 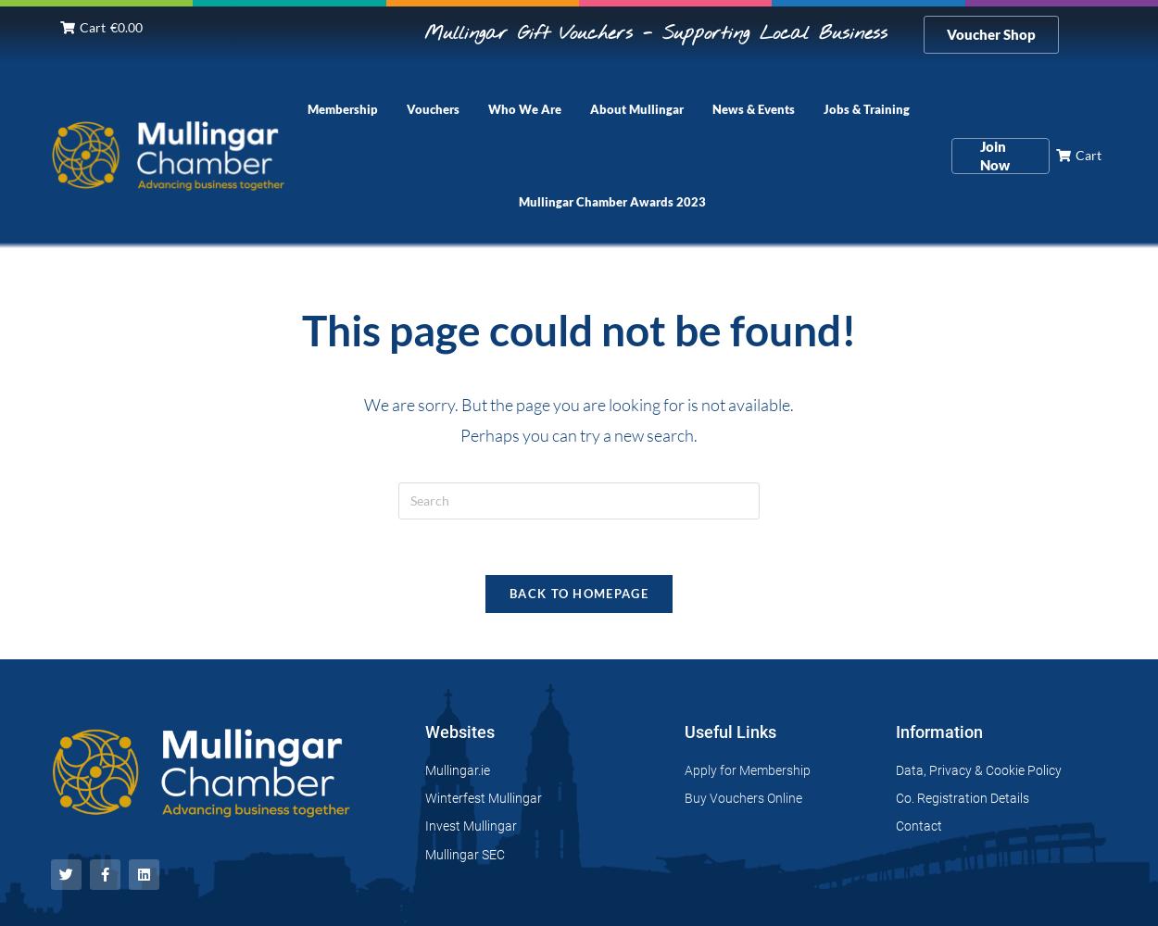 What do you see at coordinates (611, 201) in the screenshot?
I see `'Mullingar Chamber Awards 2023'` at bounding box center [611, 201].